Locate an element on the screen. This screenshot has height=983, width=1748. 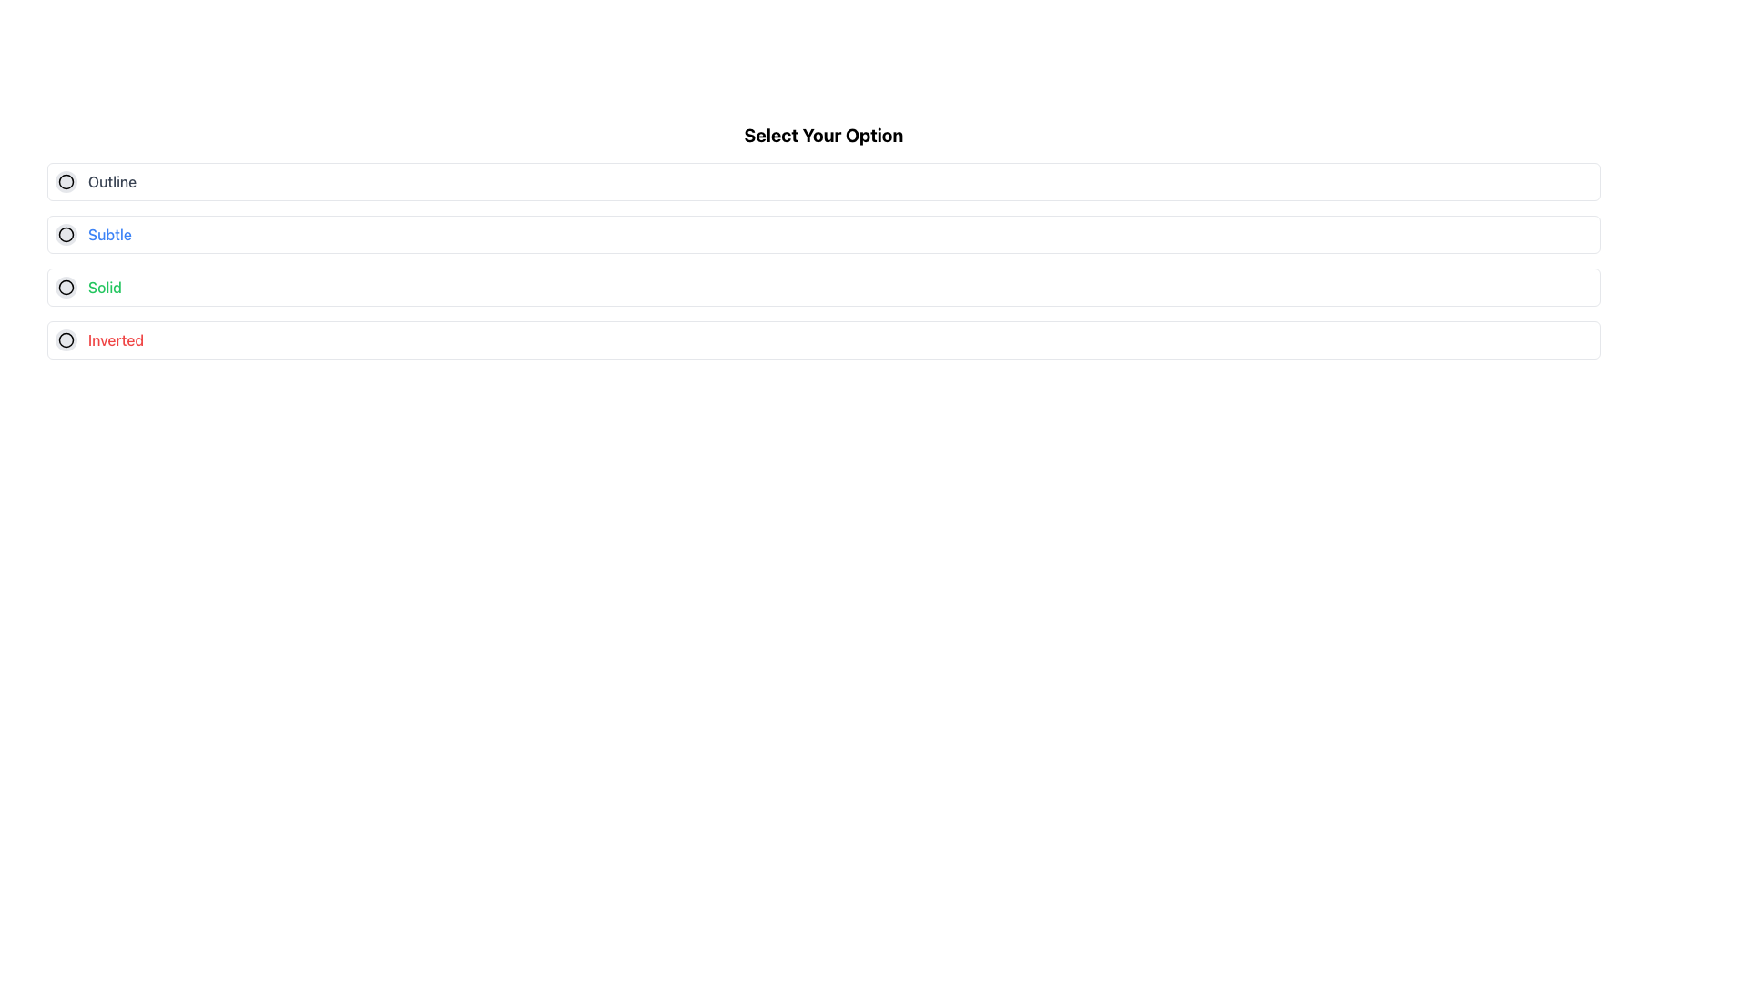
the SVG circle icon representing the selection state of the 'Solid' option in the radio button list is located at coordinates (66, 287).